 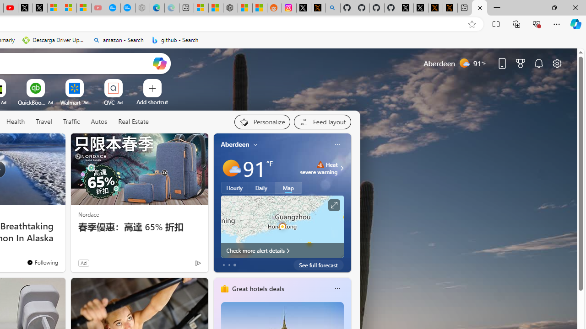 I want to click on 'Microsoft rewards', so click(x=521, y=63).